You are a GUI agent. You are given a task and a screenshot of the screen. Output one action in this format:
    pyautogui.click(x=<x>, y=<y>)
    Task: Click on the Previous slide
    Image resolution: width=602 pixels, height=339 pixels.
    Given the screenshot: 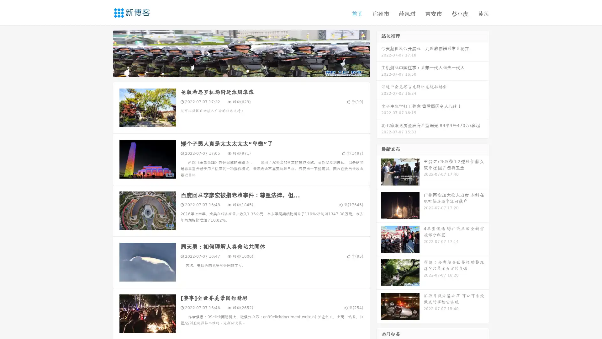 What is the action you would take?
    pyautogui.click(x=103, y=53)
    